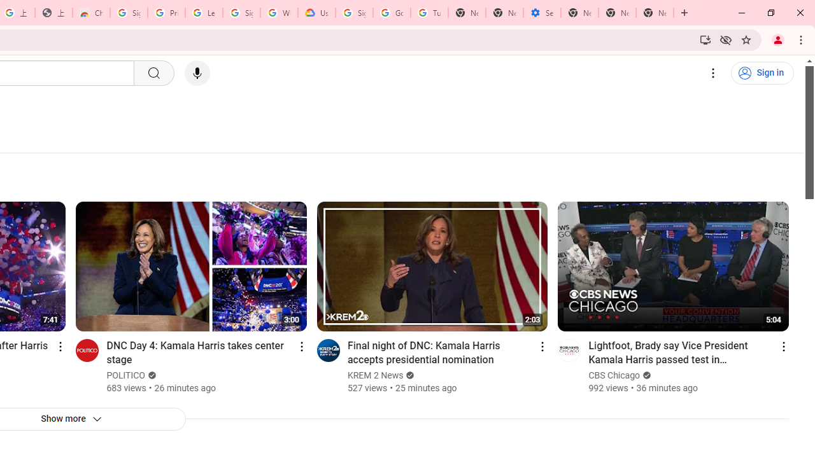 The height and width of the screenshot is (458, 815). Describe the element at coordinates (196, 73) in the screenshot. I see `'Search with your voice'` at that location.